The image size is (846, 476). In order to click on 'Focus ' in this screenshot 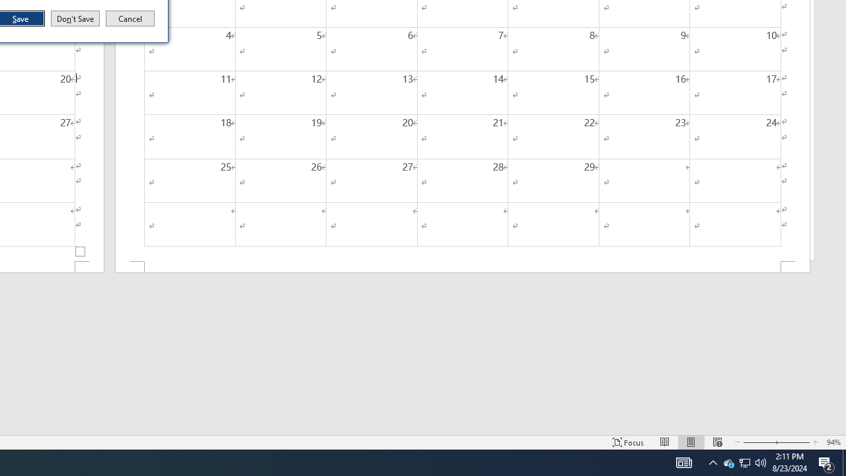, I will do `click(628, 442)`.